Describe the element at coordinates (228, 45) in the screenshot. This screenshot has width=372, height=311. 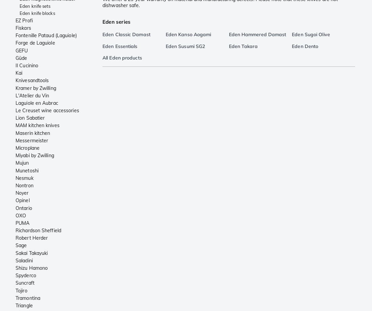
I see `'Eden Takara'` at that location.